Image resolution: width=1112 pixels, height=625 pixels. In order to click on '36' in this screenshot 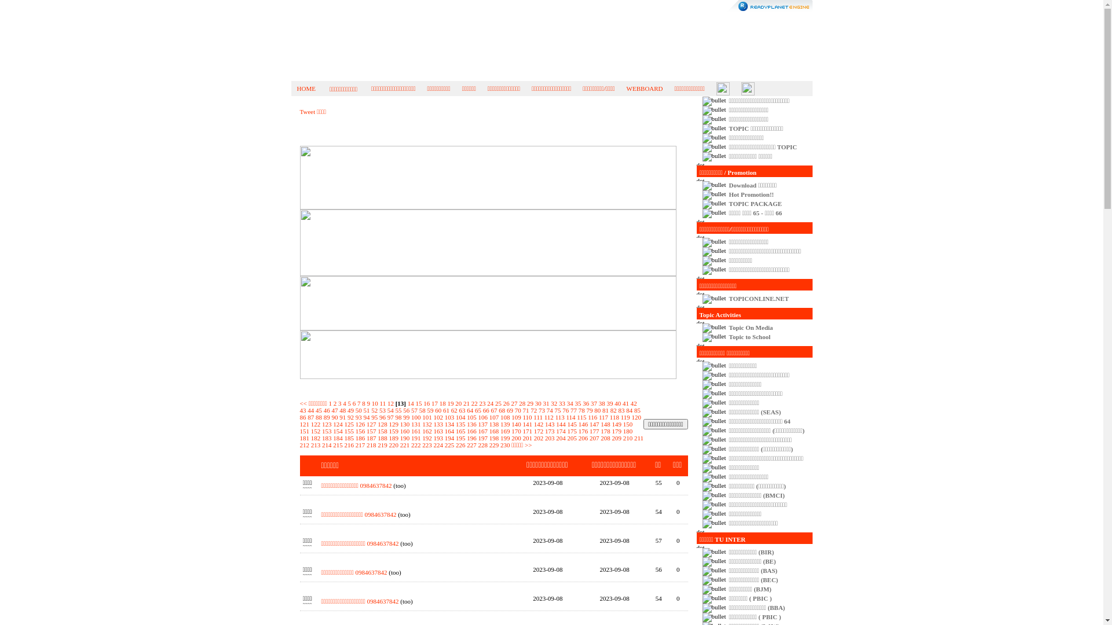, I will do `click(586, 403)`.